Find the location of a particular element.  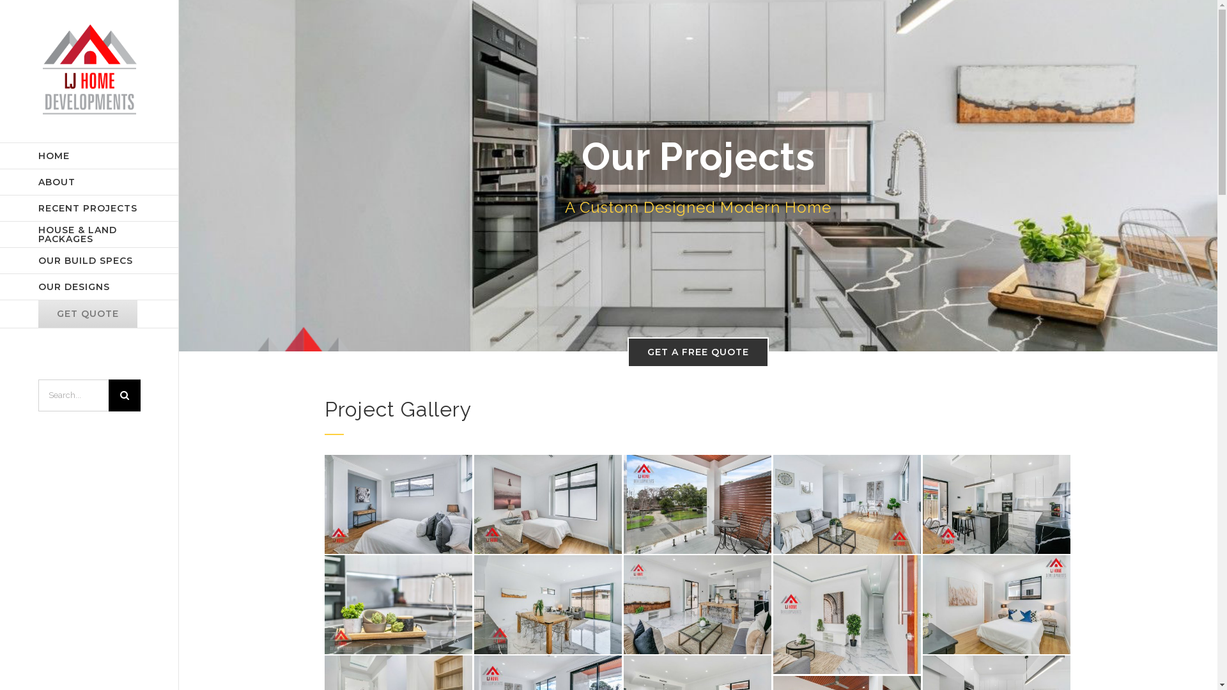

'ABOUT' is located at coordinates (88, 182).